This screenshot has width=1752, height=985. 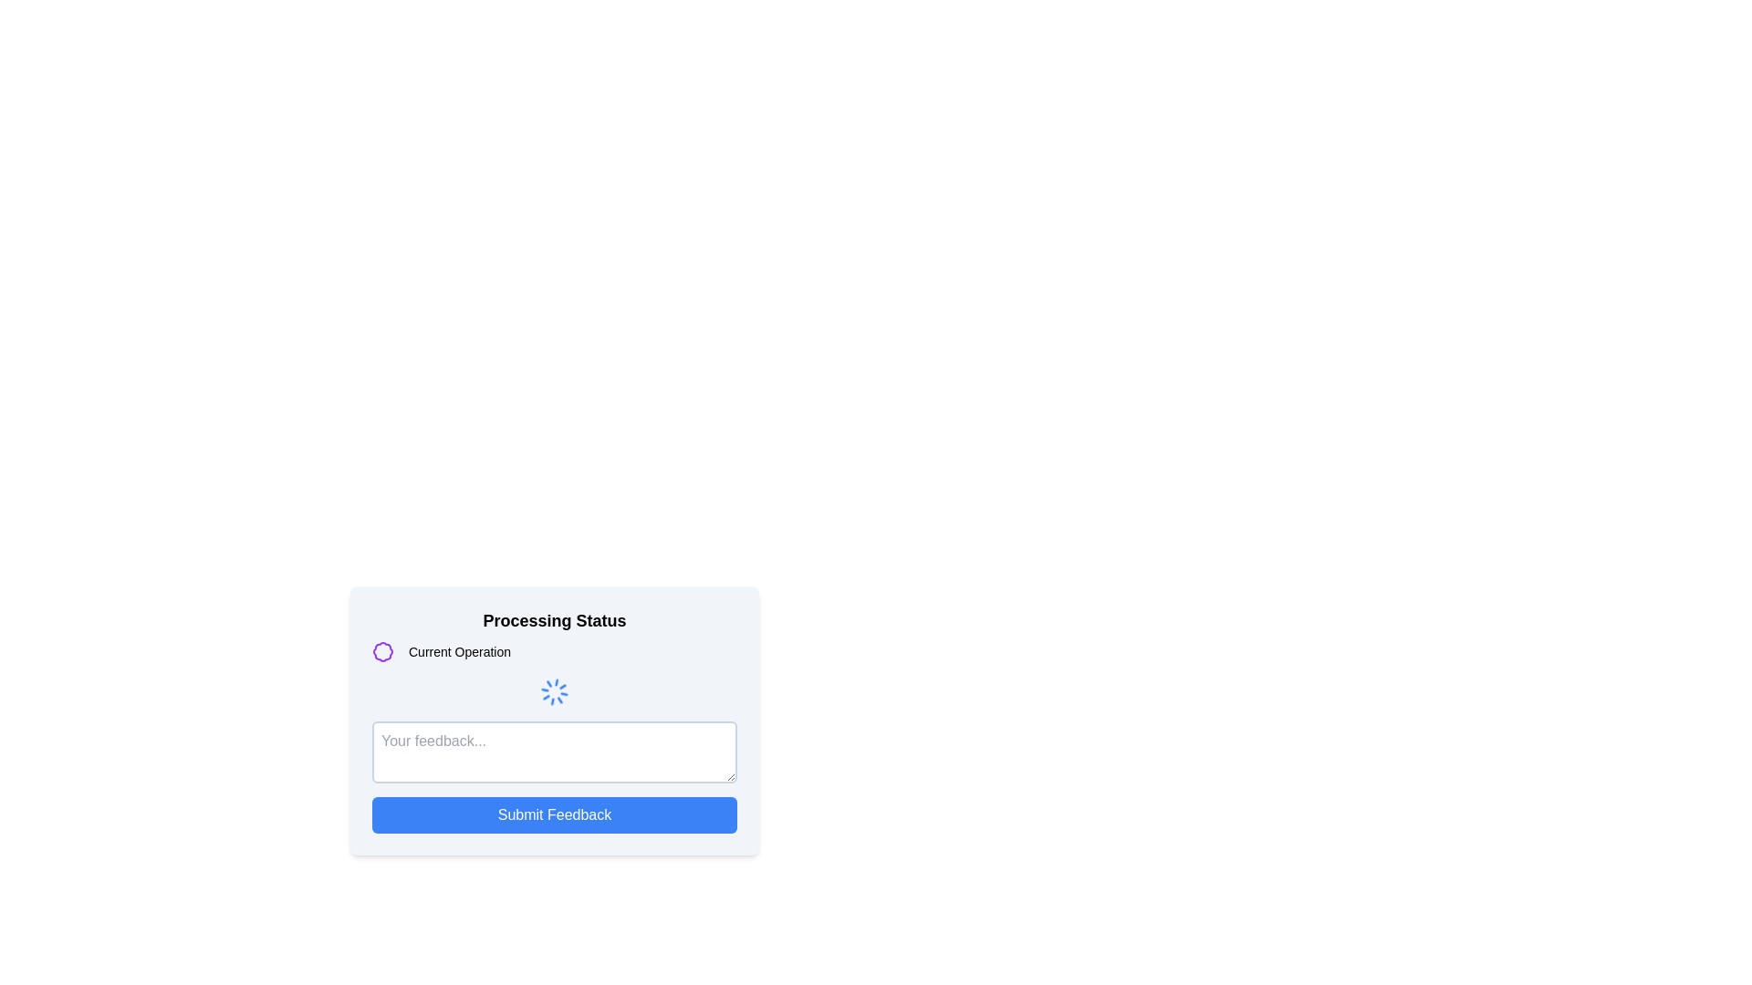 What do you see at coordinates (382, 650) in the screenshot?
I see `the icon representing the label 'Current Operation', which is located to the far left of the horizontal group containing the text label` at bounding box center [382, 650].